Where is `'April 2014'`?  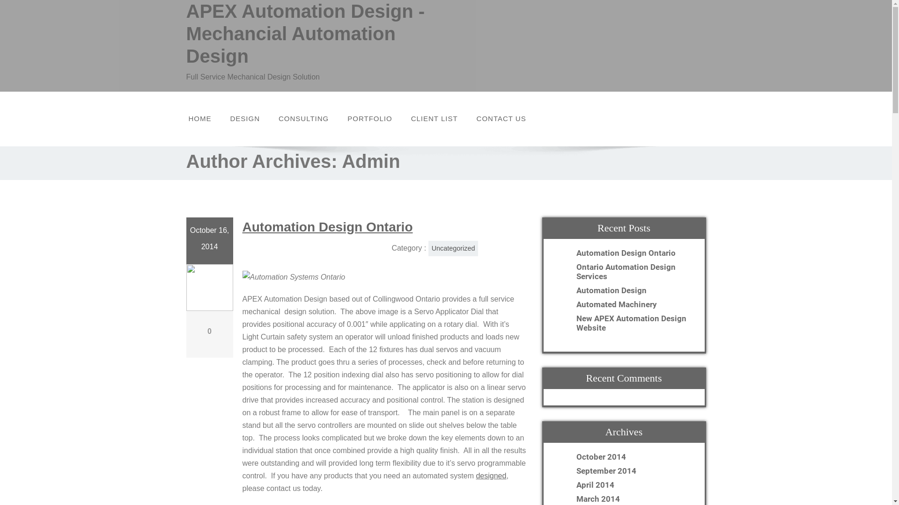 'April 2014' is located at coordinates (570, 484).